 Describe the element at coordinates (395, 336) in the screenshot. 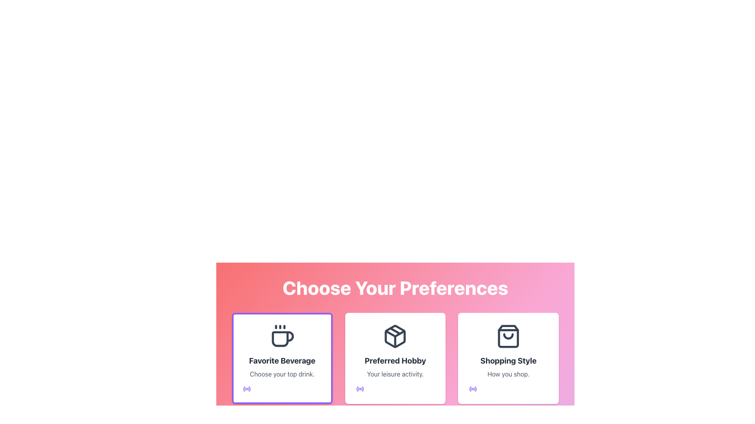

I see `the dark gray geometric 3D box icon positioned between the title 'Preferred Hobby' and the description 'Your leisure activity'` at that location.